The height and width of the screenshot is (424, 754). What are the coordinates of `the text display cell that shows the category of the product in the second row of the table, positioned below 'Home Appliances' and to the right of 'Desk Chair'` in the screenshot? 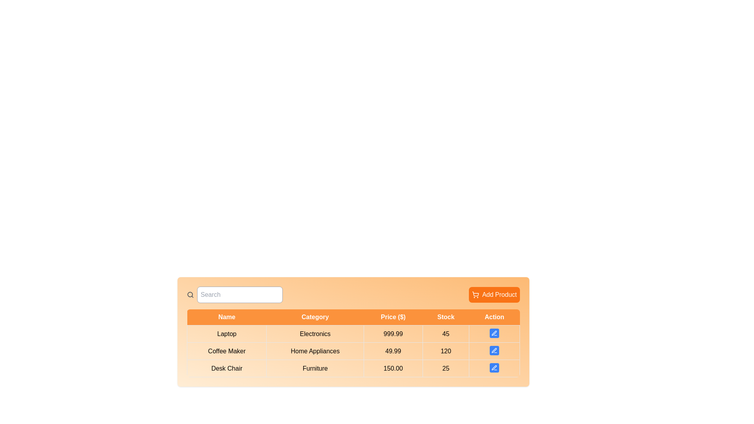 It's located at (315, 368).